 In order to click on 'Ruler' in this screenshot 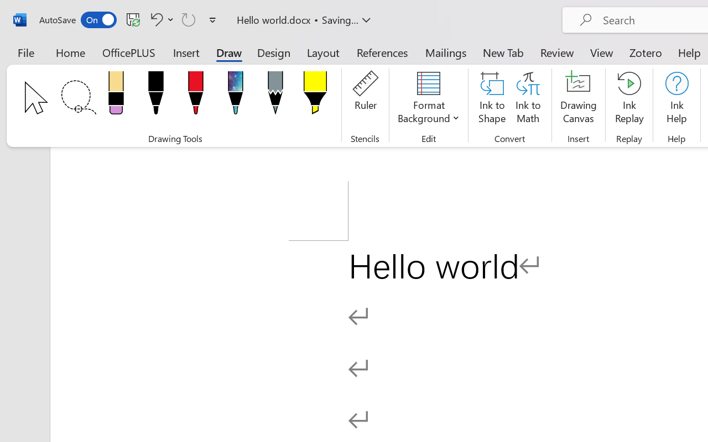, I will do `click(366, 99)`.